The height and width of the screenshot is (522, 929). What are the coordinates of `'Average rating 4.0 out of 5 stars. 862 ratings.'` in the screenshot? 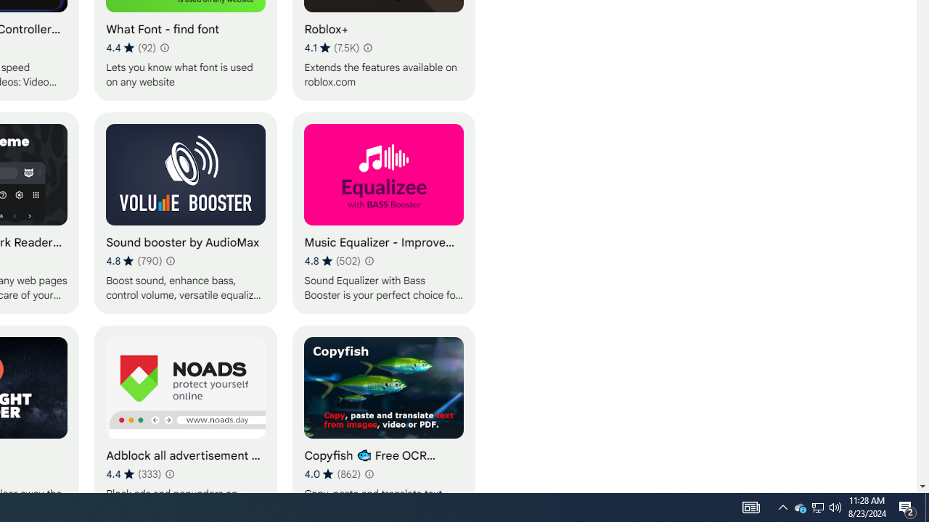 It's located at (332, 473).